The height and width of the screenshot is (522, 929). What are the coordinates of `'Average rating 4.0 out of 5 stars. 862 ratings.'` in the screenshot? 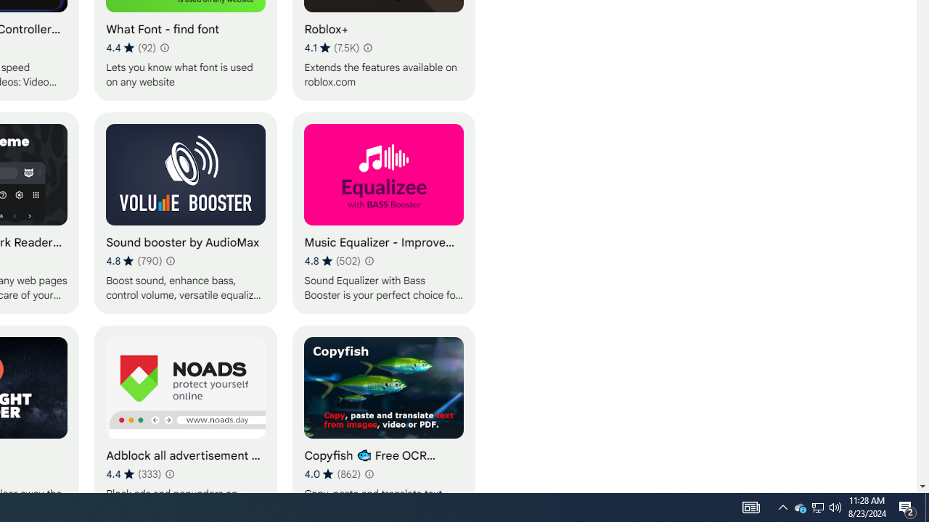 It's located at (332, 473).